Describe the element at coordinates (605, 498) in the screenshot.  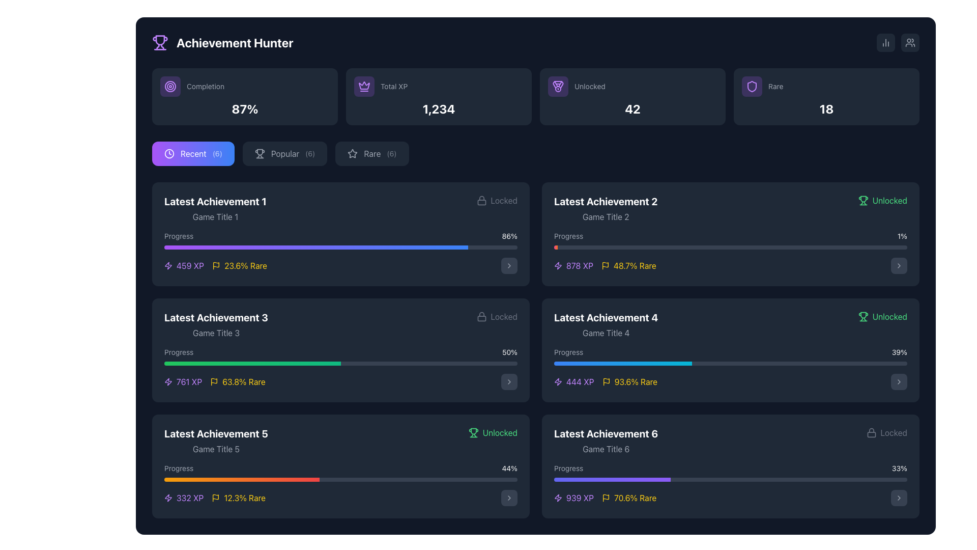
I see `the text displaying information about the achievement's experience points (XP) and rarity percentage (Rare) located in the lower-right section of the interface inside the 'Latest Achievement 6' card, below the progress bar and adjacent to the 'Unlocked' status icon` at that location.